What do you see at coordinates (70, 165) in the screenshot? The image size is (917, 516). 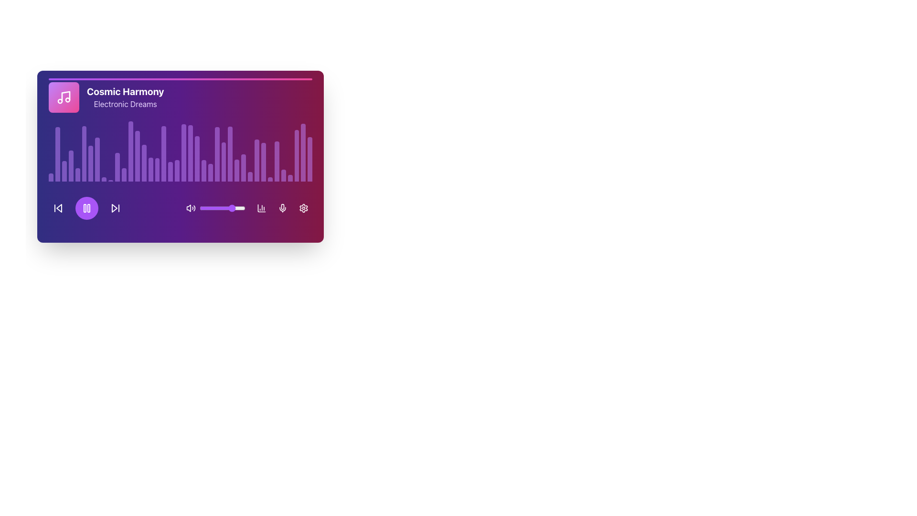 I see `the fourth vertical bar of the equalizer component in the media player interface` at bounding box center [70, 165].